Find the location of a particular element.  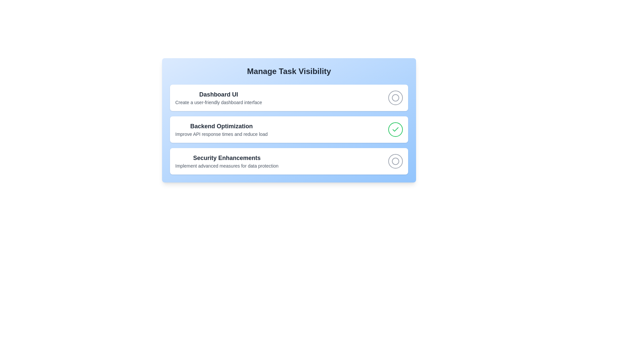

the circular icon within the checkbox of the third option in the 'Security Enhancements' row is located at coordinates (395, 161).